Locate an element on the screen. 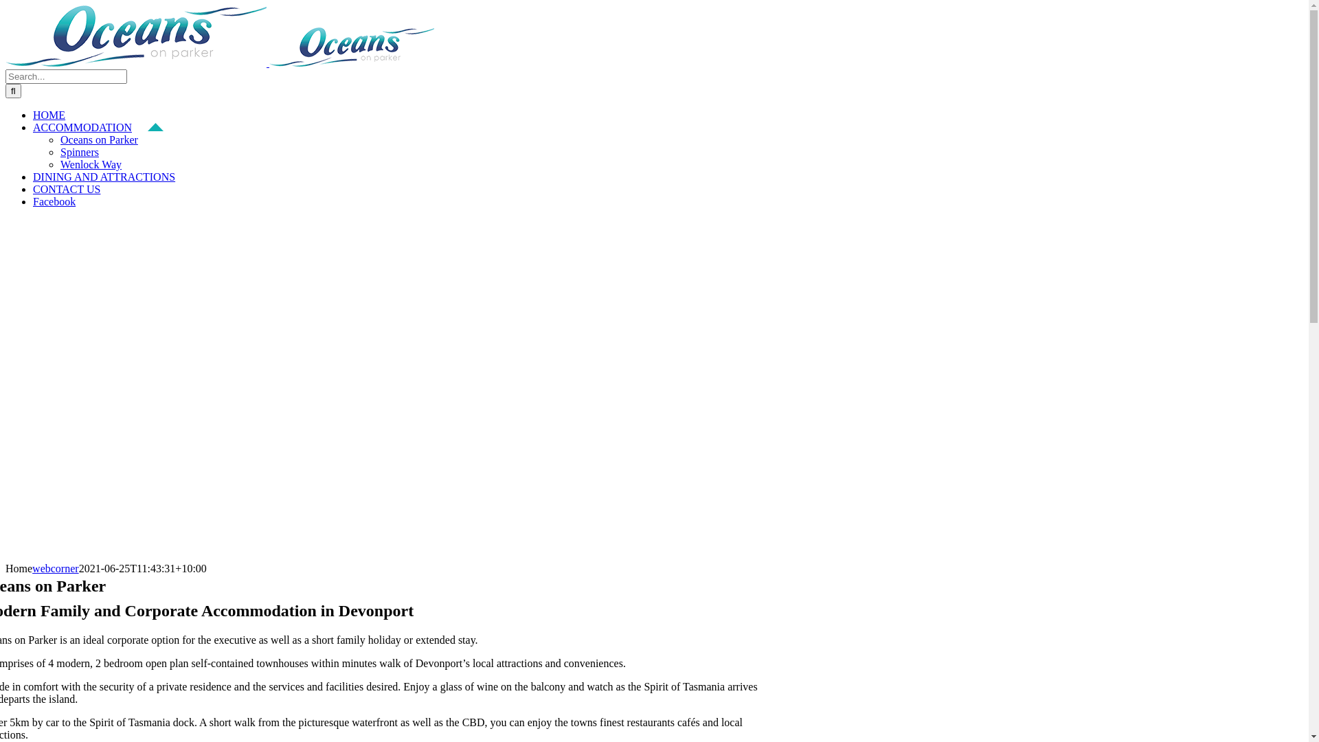  'ACCOMMODATION' is located at coordinates (98, 127).